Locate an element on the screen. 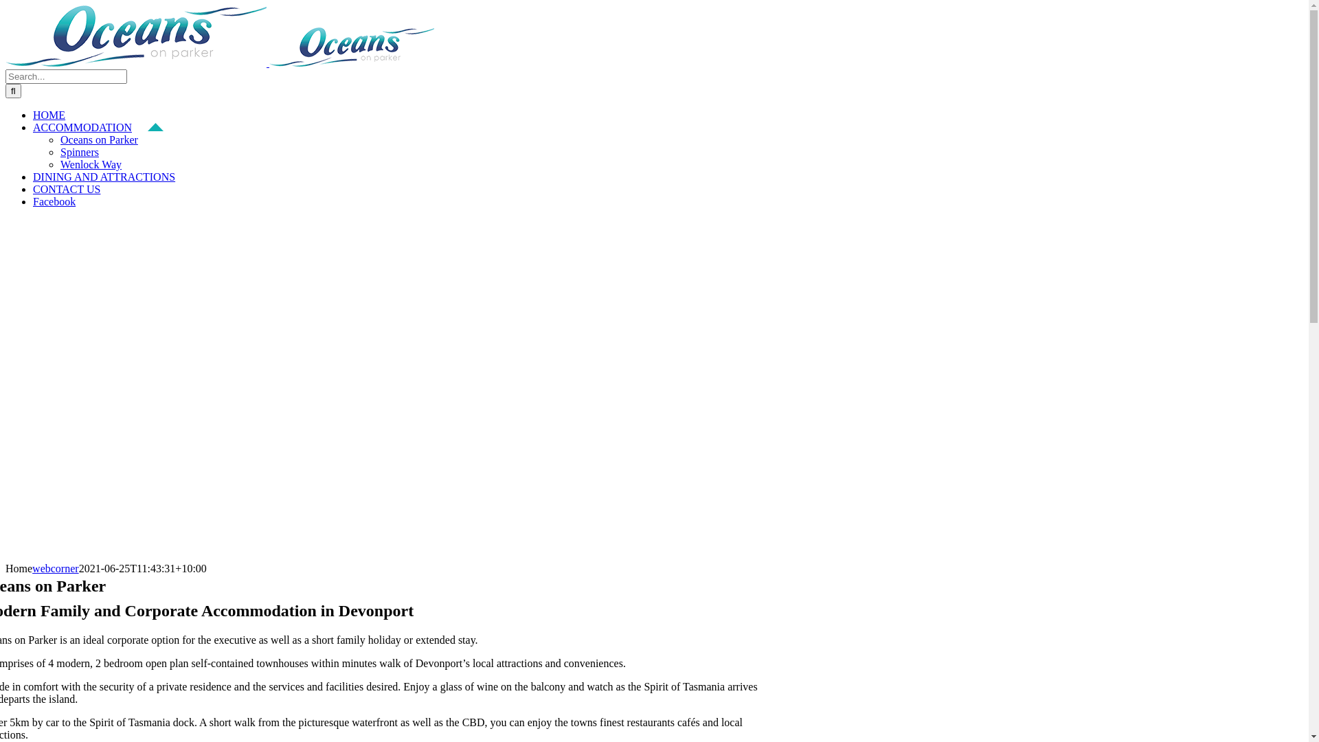  'ACCOMMODATION' is located at coordinates (98, 127).